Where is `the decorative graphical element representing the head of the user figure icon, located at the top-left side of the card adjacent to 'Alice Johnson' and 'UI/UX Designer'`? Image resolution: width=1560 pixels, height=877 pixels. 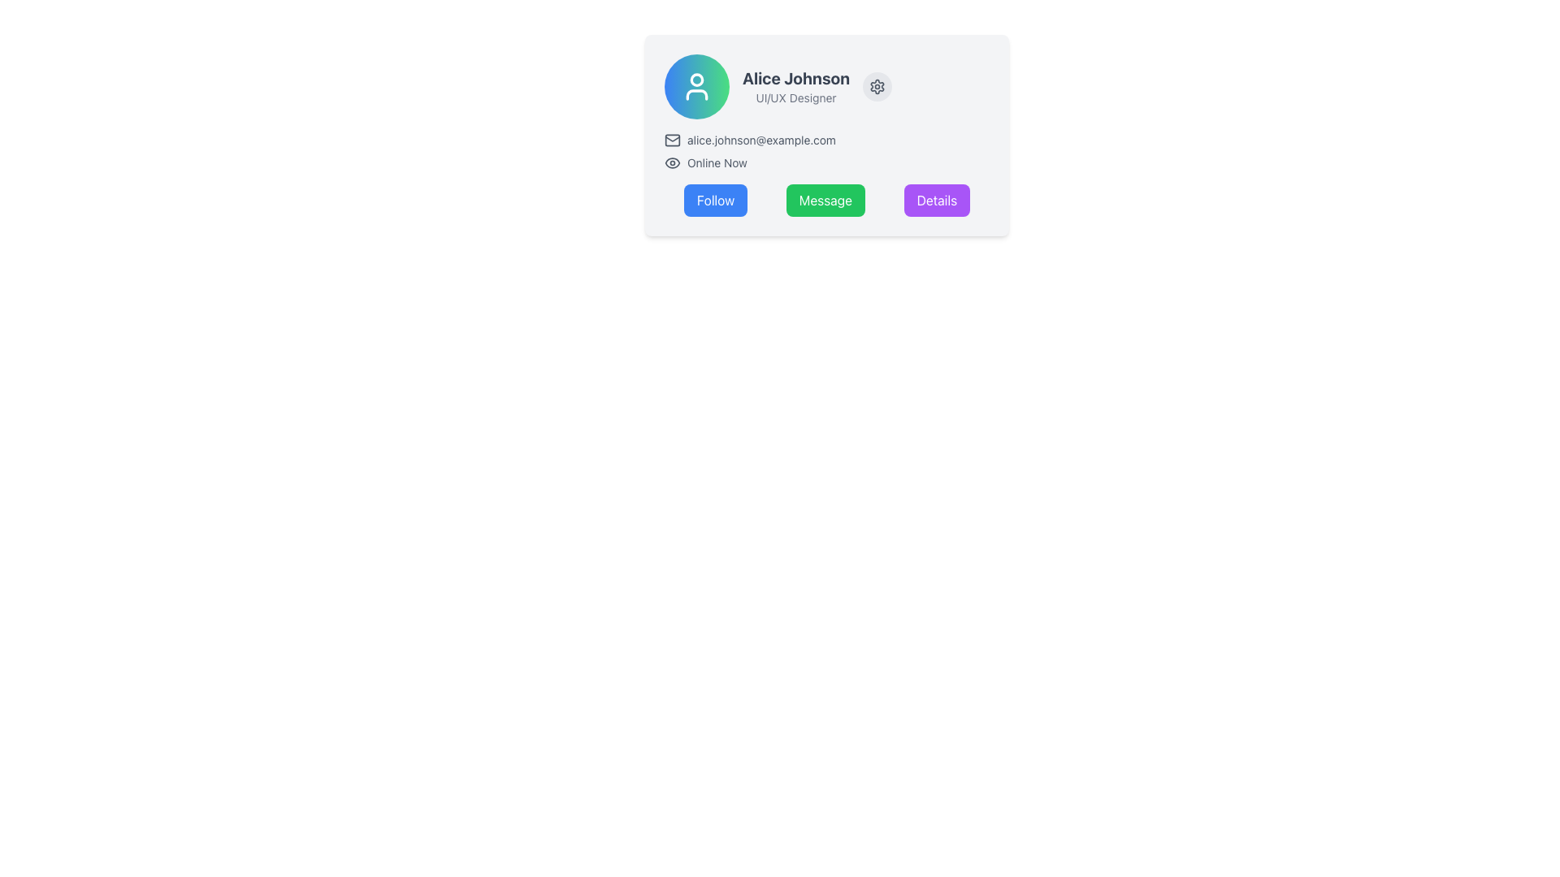 the decorative graphical element representing the head of the user figure icon, located at the top-left side of the card adjacent to 'Alice Johnson' and 'UI/UX Designer' is located at coordinates (697, 79).